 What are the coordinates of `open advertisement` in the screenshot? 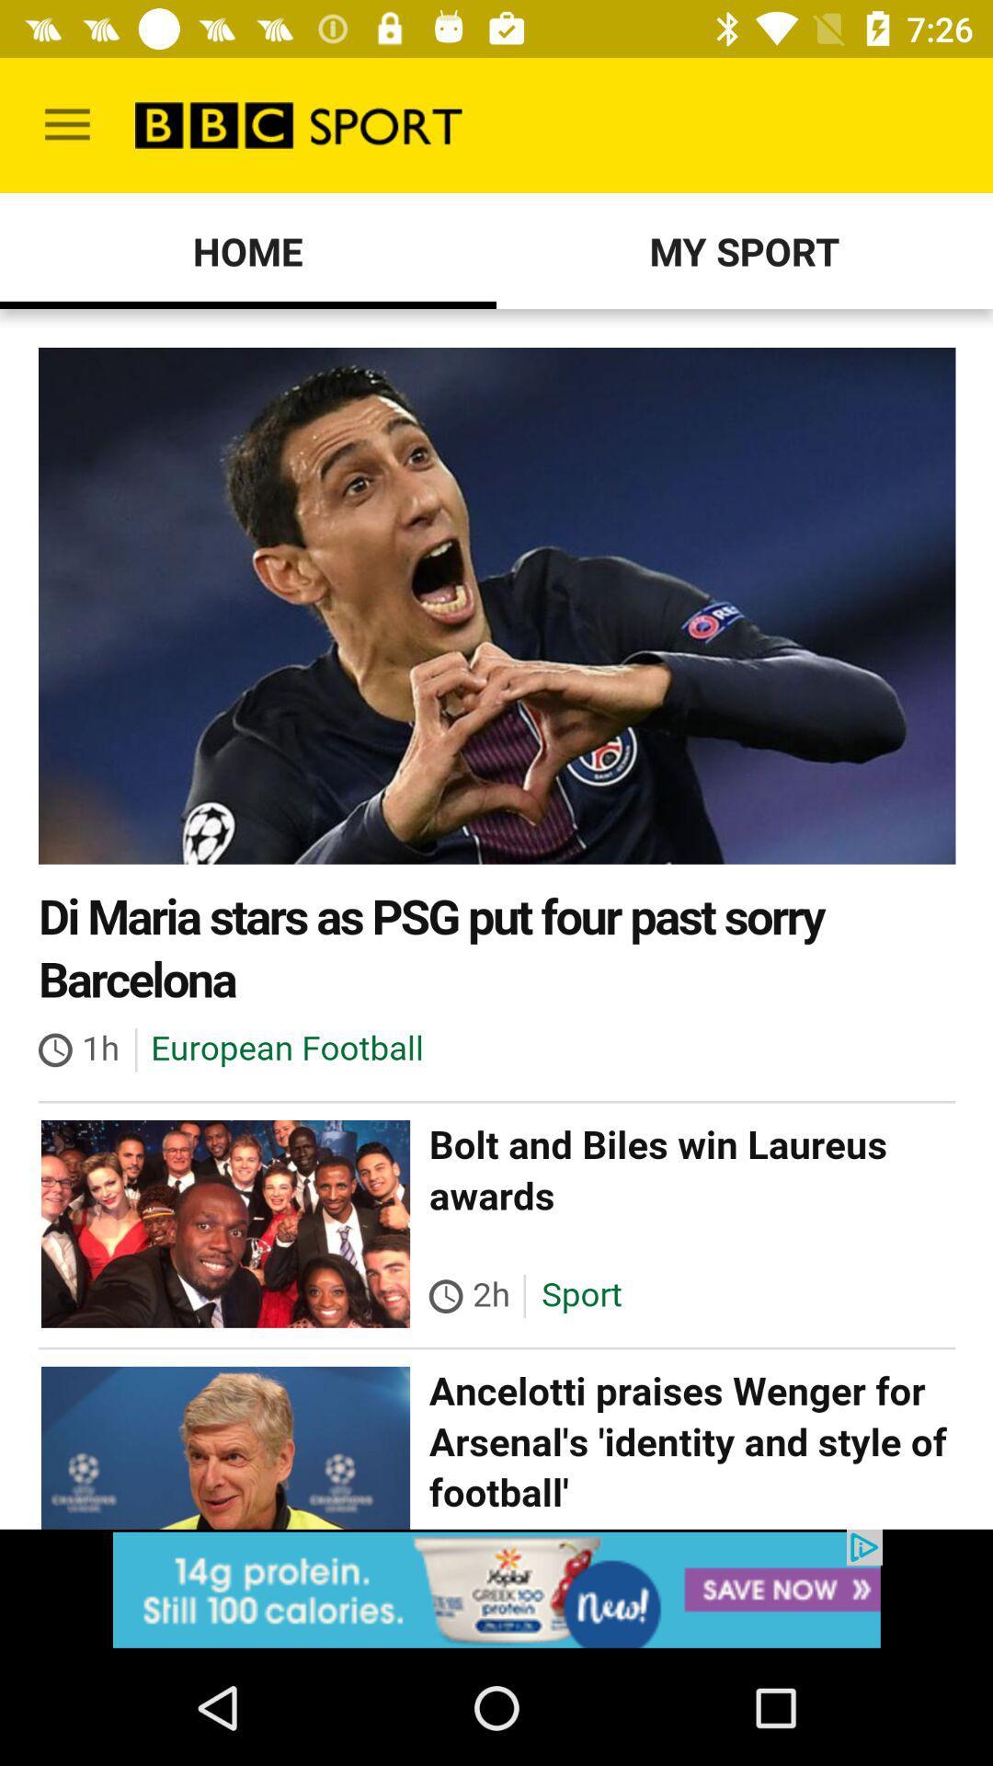 It's located at (496, 1588).